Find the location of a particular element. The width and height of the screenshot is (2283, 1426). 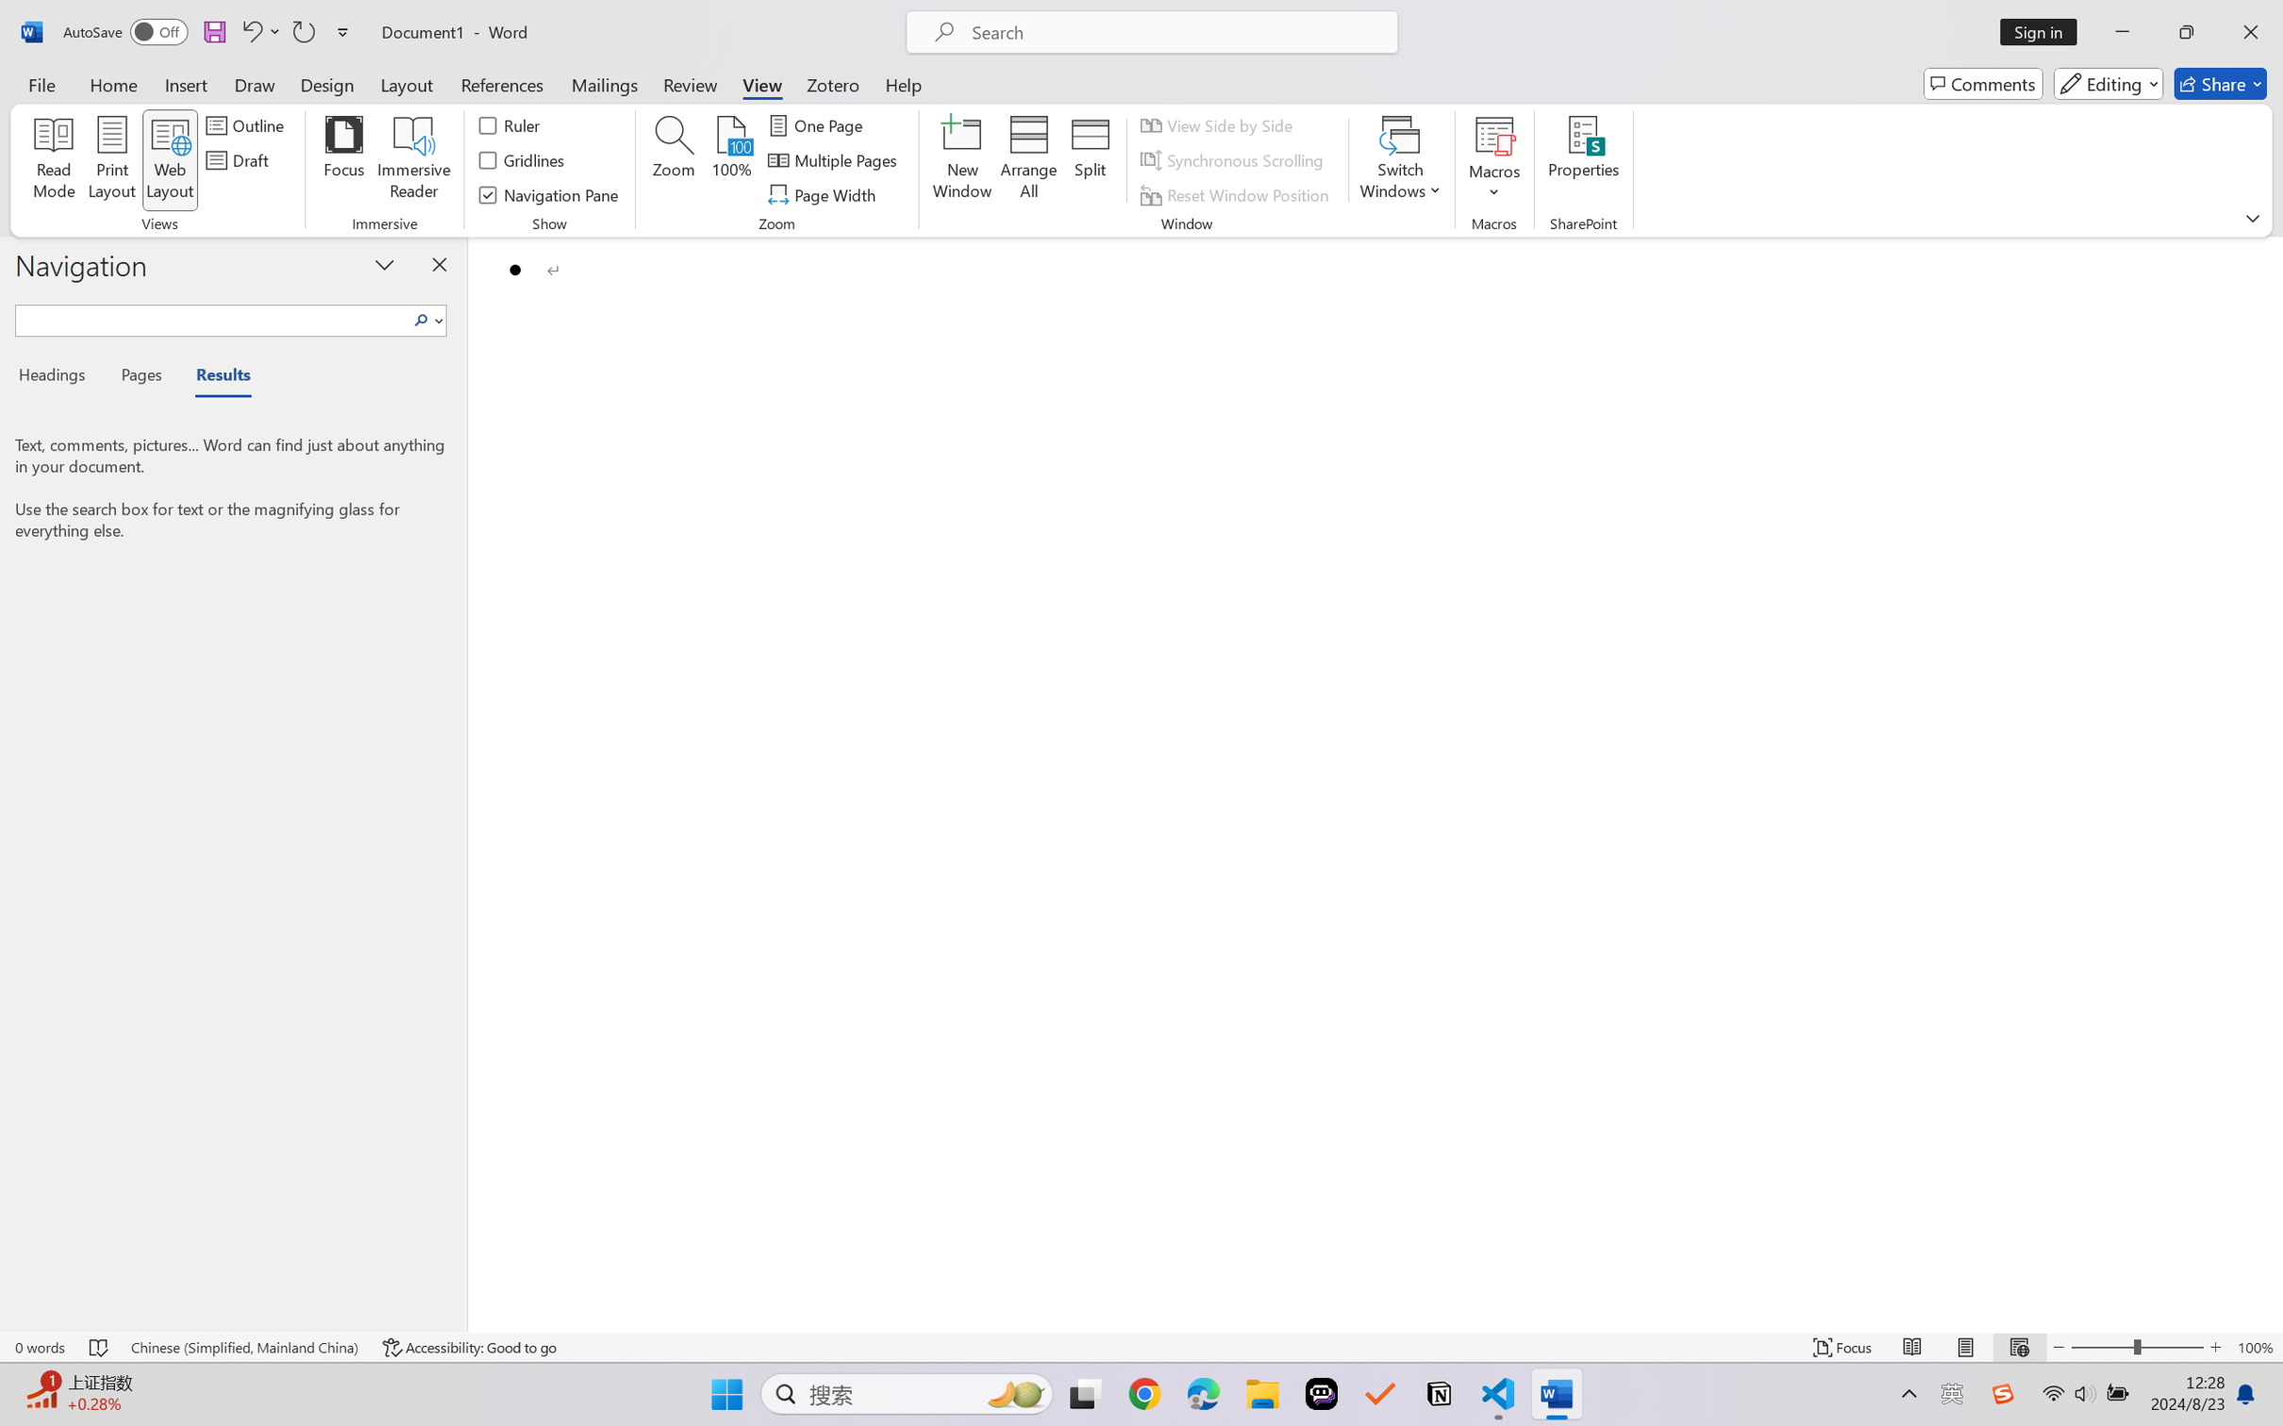

'Pages' is located at coordinates (139, 378).